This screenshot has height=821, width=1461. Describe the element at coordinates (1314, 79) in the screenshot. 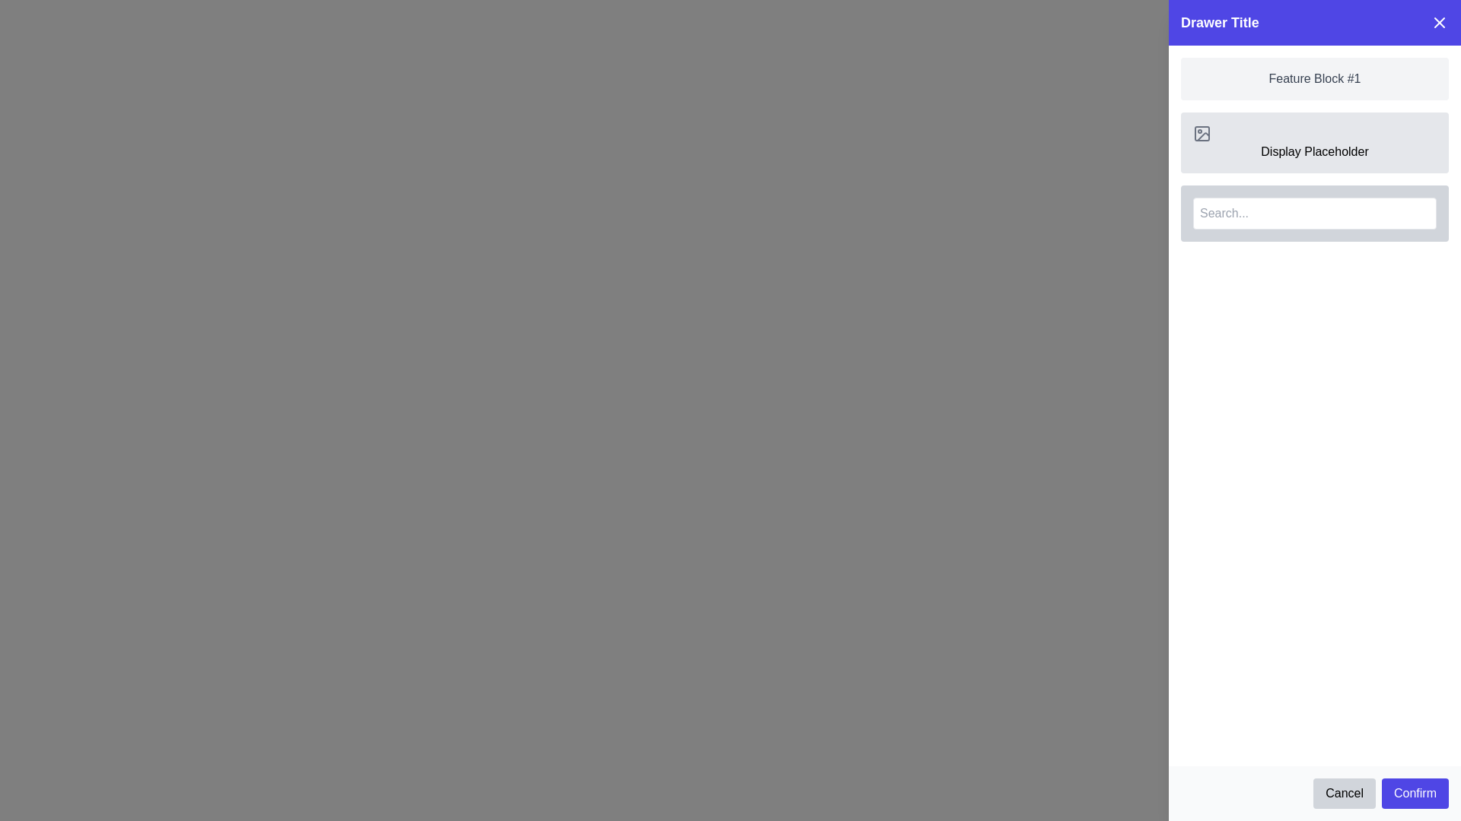

I see `the descriptive label located in the right-side drawer interface, positioned below the drawer title and above the 'Display Placeholder' box` at that location.